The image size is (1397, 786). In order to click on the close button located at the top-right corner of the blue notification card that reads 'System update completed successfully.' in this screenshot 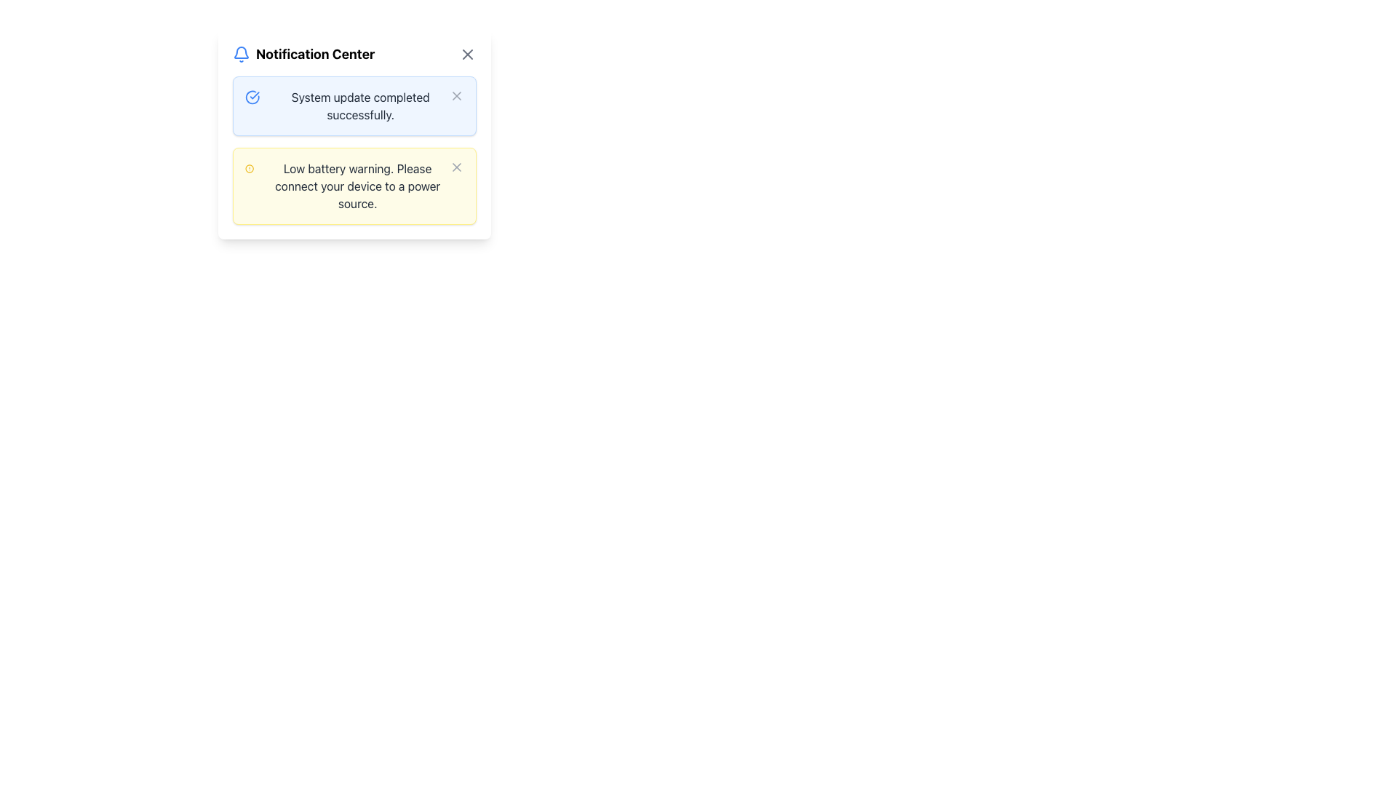, I will do `click(456, 95)`.